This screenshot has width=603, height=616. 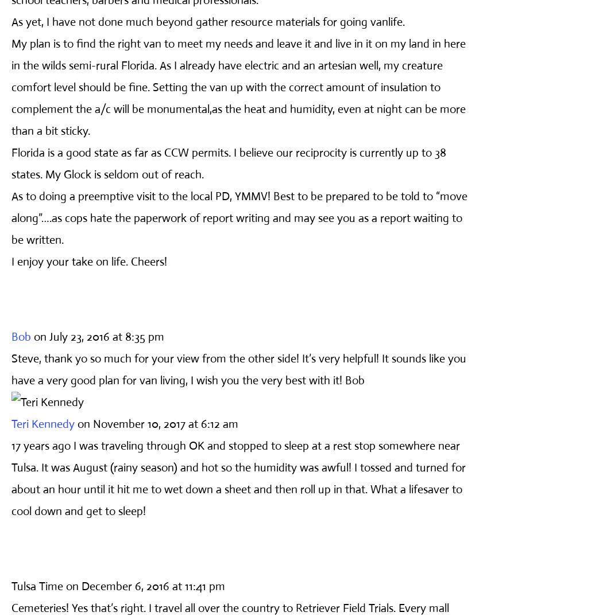 I want to click on 'Florida is a good state as far as CCW permits. I believe our reciprocity is currently up to 38 states. My Glock is seldom out of reach.', so click(x=229, y=163).